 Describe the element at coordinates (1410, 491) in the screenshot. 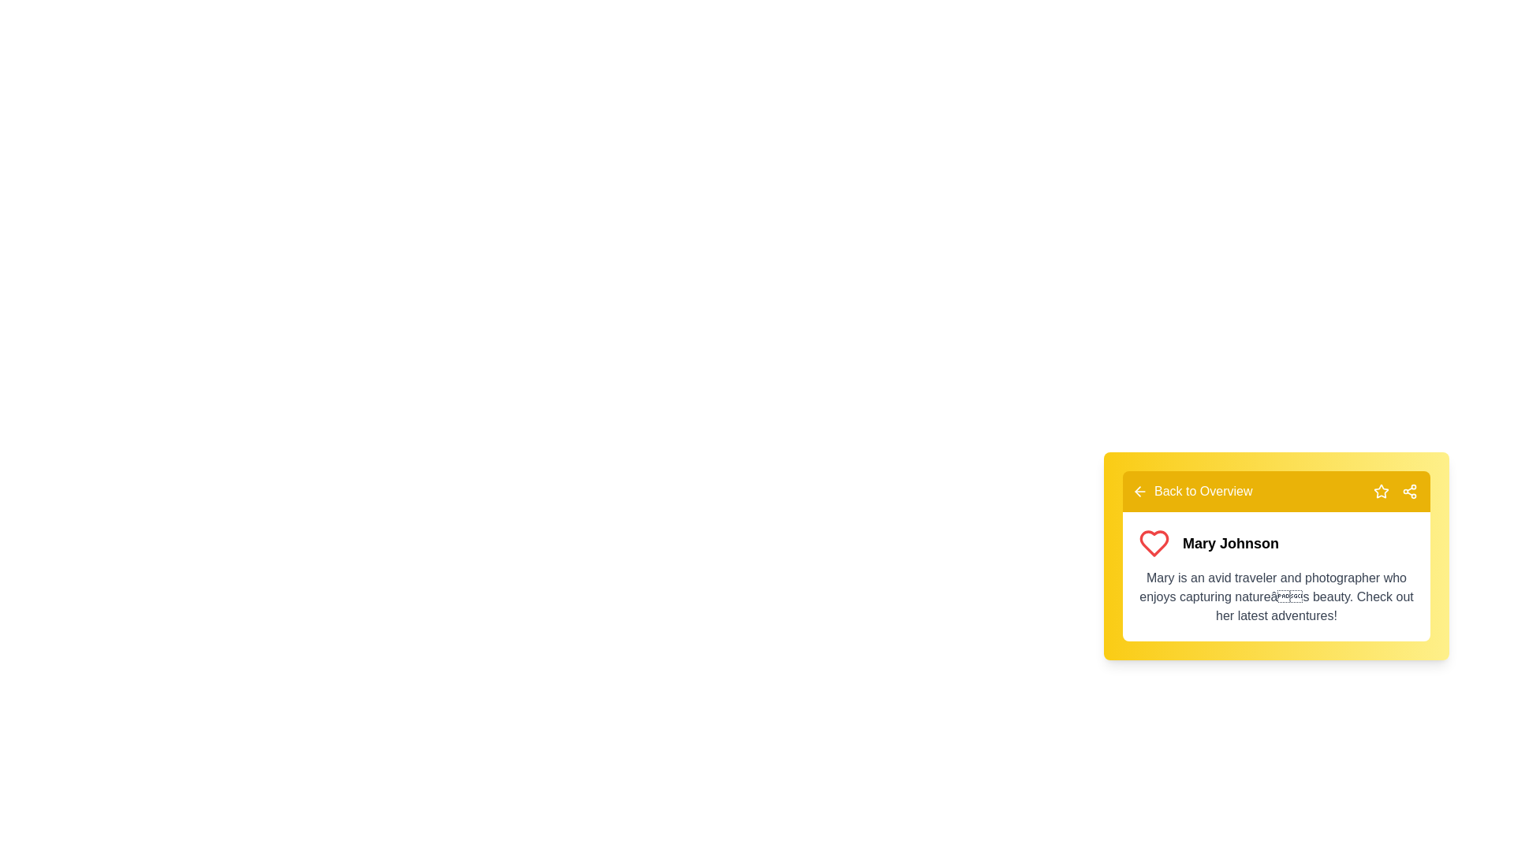

I see `the share icon located in the top-right section of the yellow header bar of the card interface` at that location.